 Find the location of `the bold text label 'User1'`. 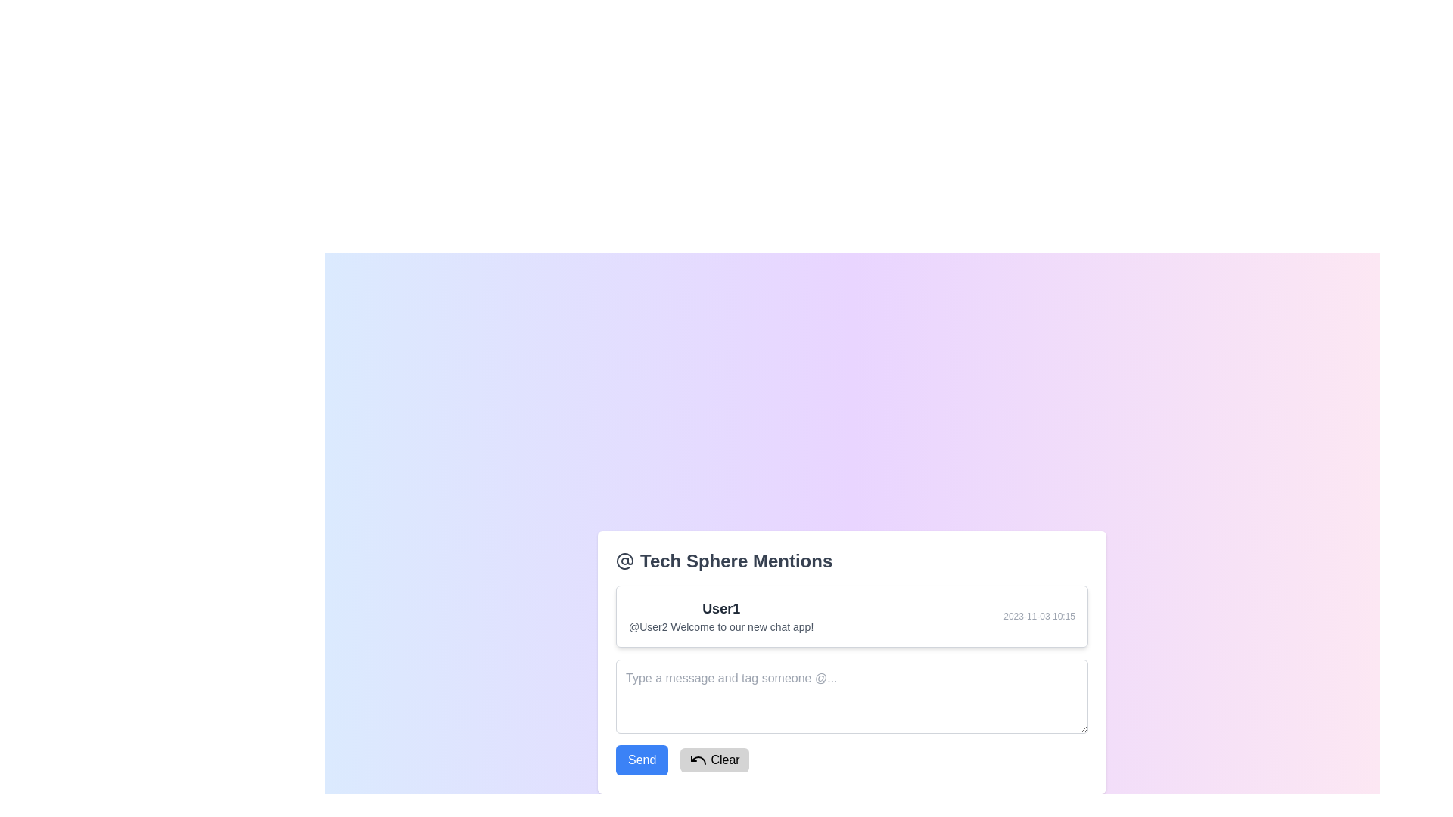

the bold text label 'User1' is located at coordinates (720, 607).